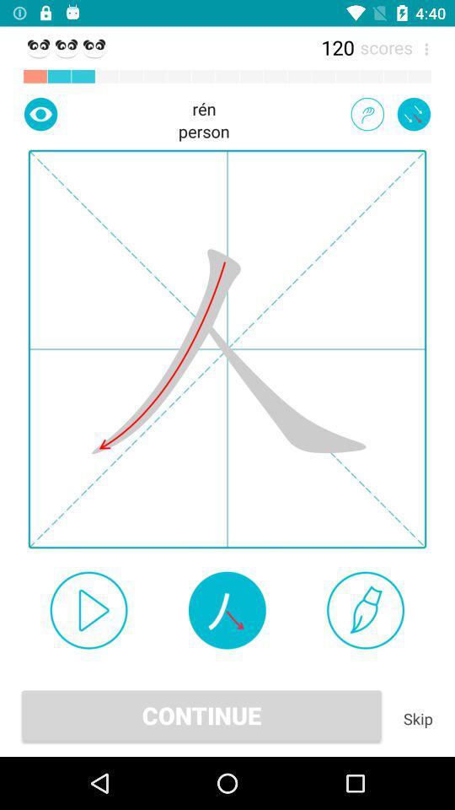  Describe the element at coordinates (365, 609) in the screenshot. I see `the icon above continue` at that location.